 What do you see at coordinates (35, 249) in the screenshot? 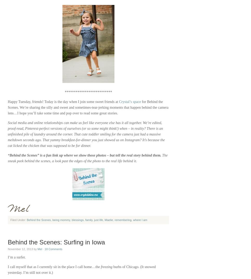
I see `'by'` at bounding box center [35, 249].